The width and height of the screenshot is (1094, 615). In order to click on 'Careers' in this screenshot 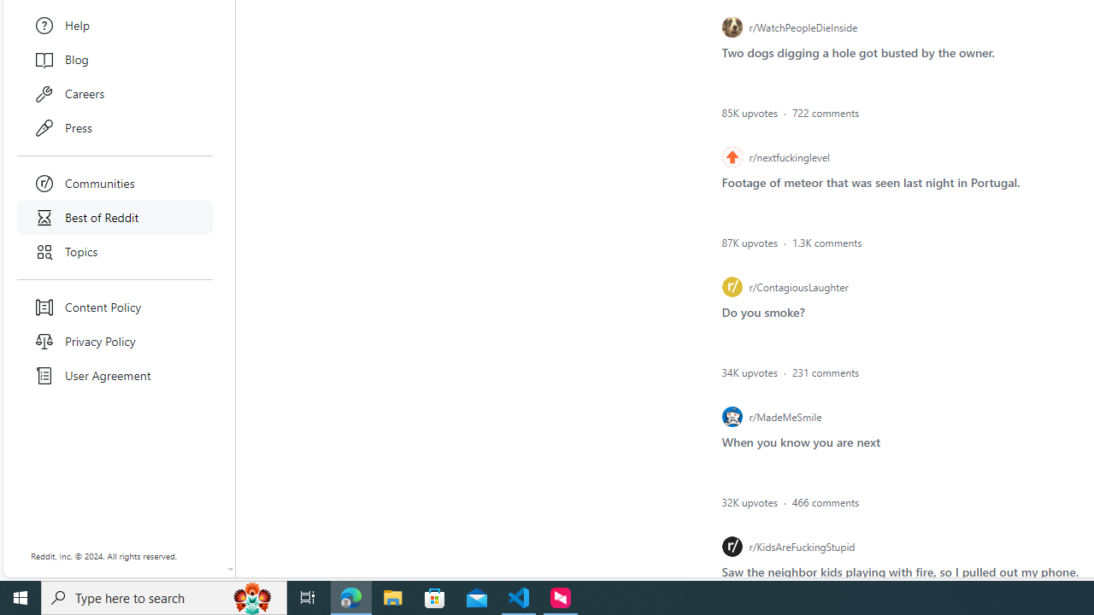, I will do `click(115, 94)`.